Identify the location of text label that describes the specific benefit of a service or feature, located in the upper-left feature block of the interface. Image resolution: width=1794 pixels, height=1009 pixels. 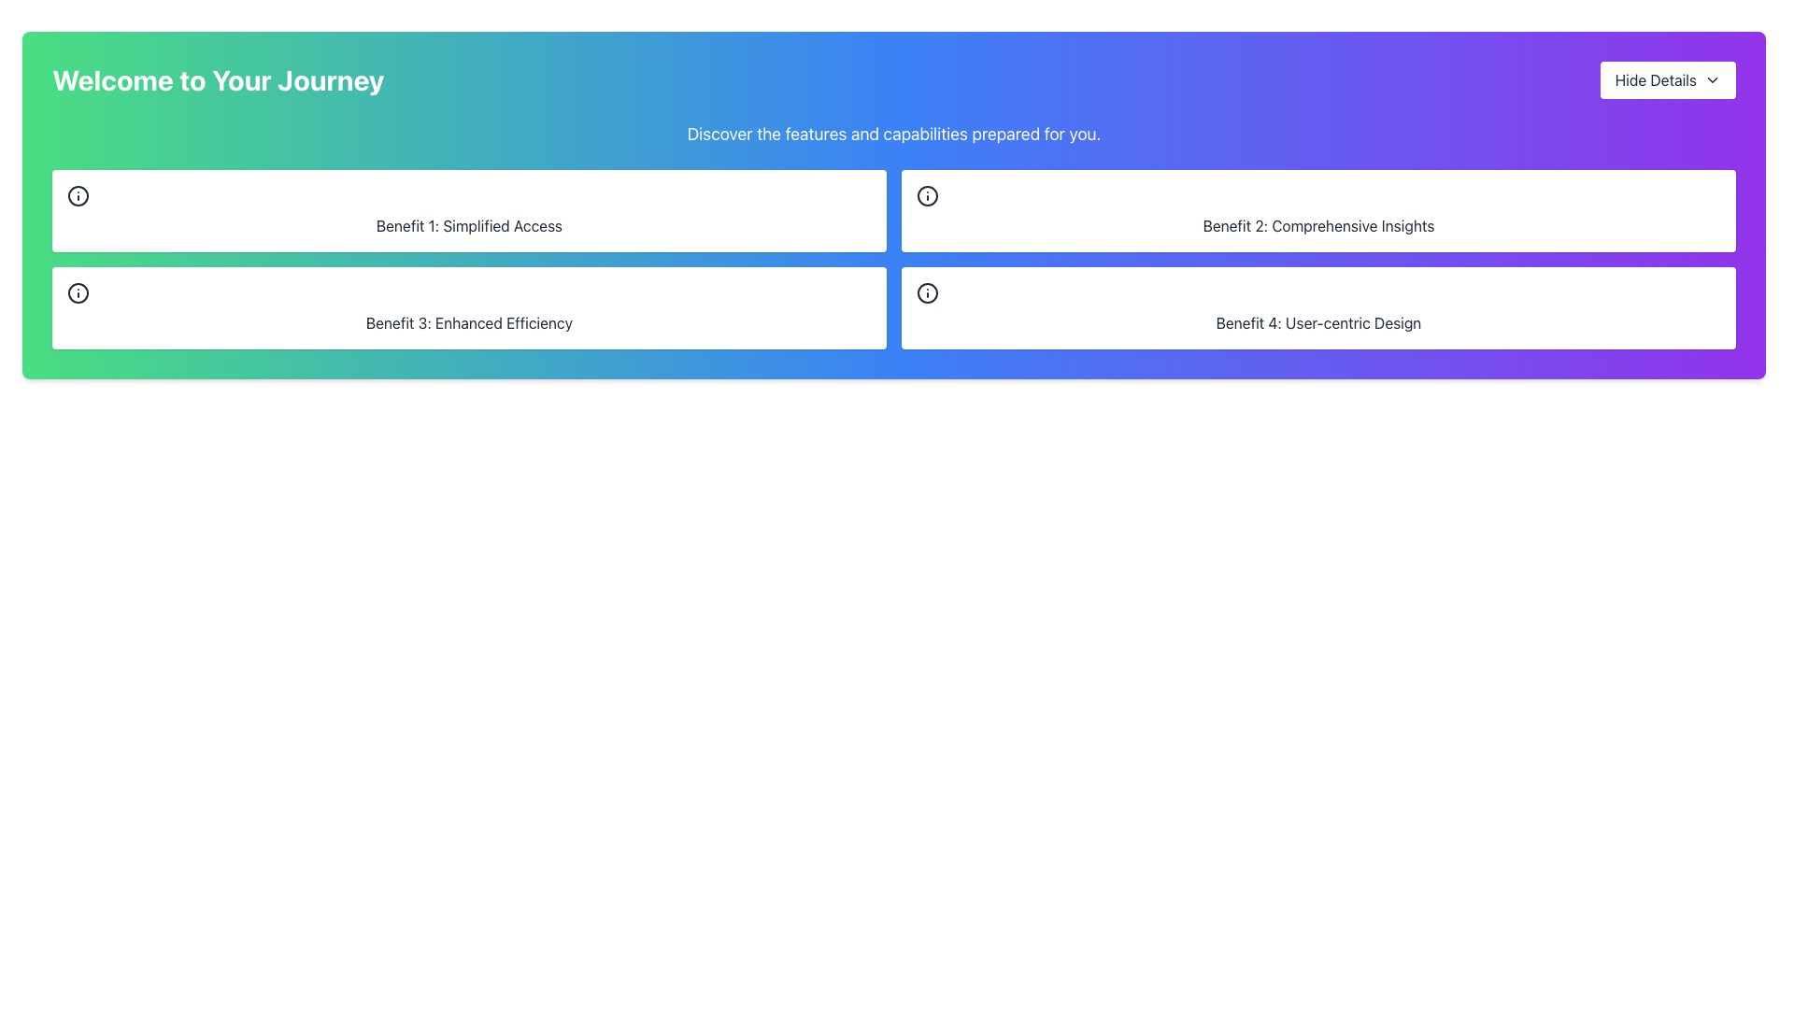
(469, 225).